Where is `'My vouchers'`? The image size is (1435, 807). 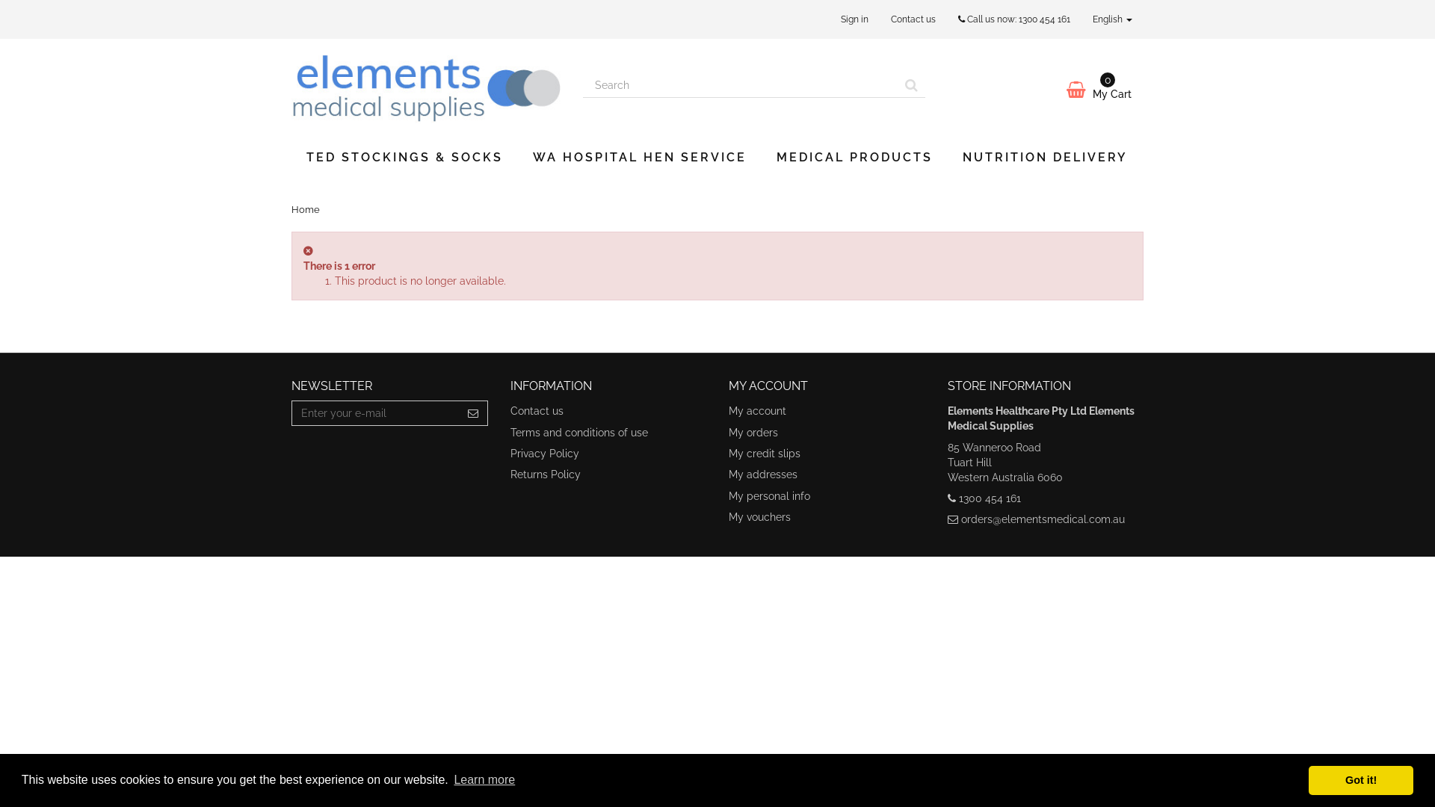
'My vouchers' is located at coordinates (759, 516).